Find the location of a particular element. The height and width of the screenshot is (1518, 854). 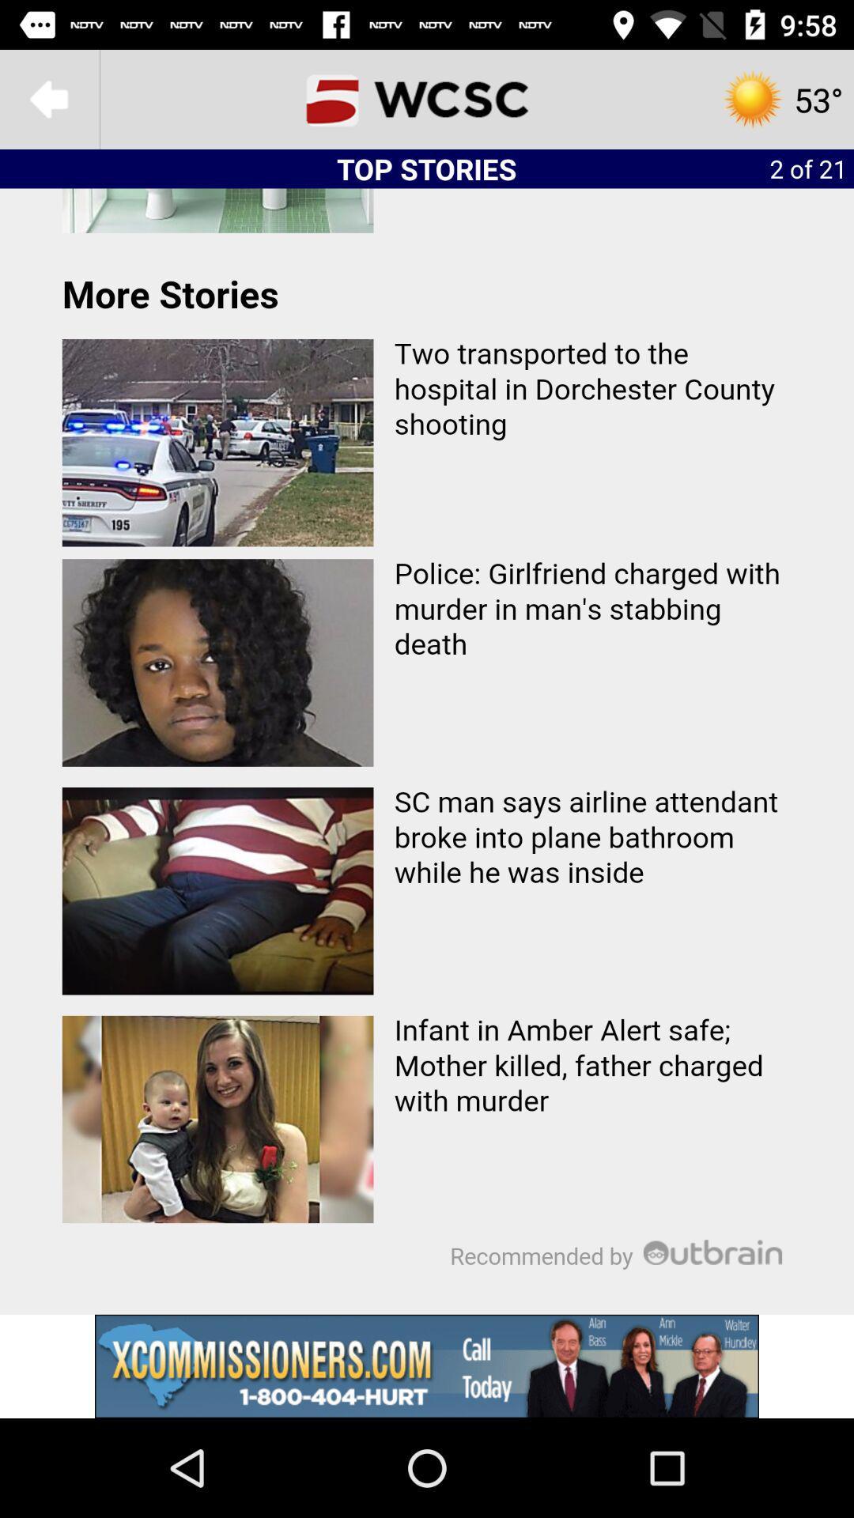

the arrow_backward icon is located at coordinates (48, 98).